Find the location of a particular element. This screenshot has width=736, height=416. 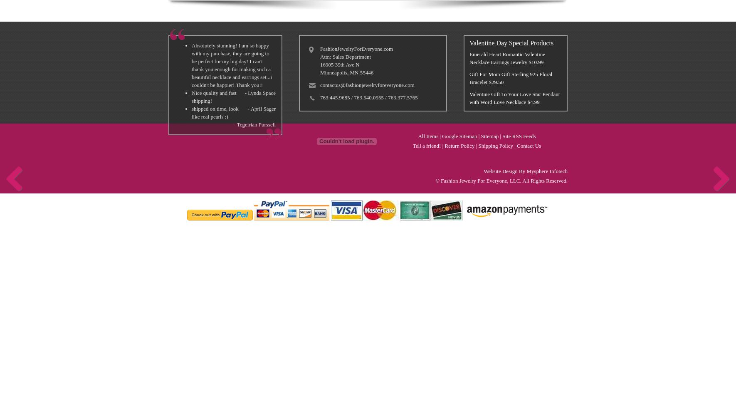

'Emerald Heart Romantic Valentine Necklace Earrings Jewelry $10.99' is located at coordinates (507, 58).